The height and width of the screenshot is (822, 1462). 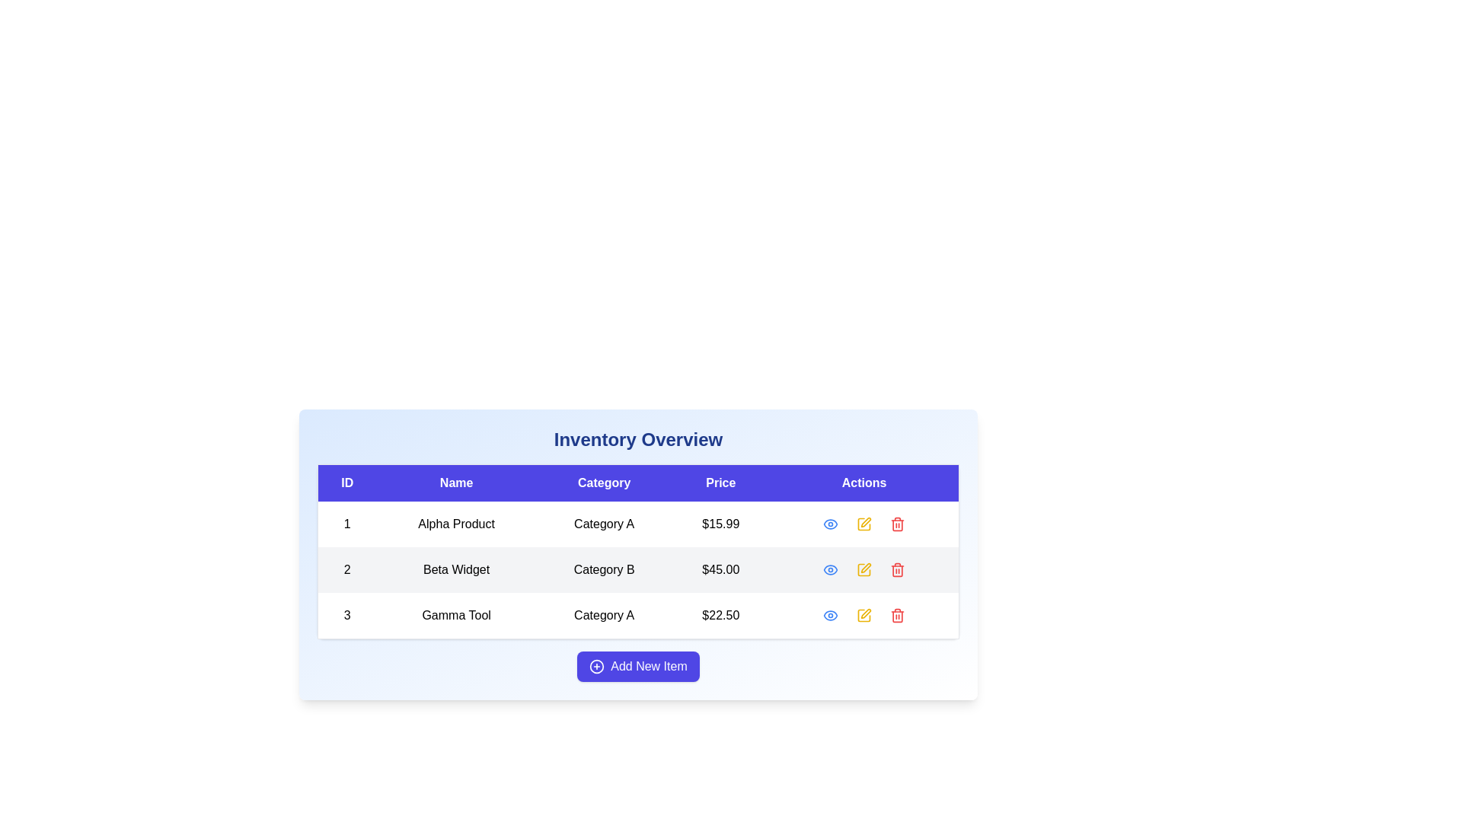 I want to click on the 'view' icon located, so click(x=829, y=524).